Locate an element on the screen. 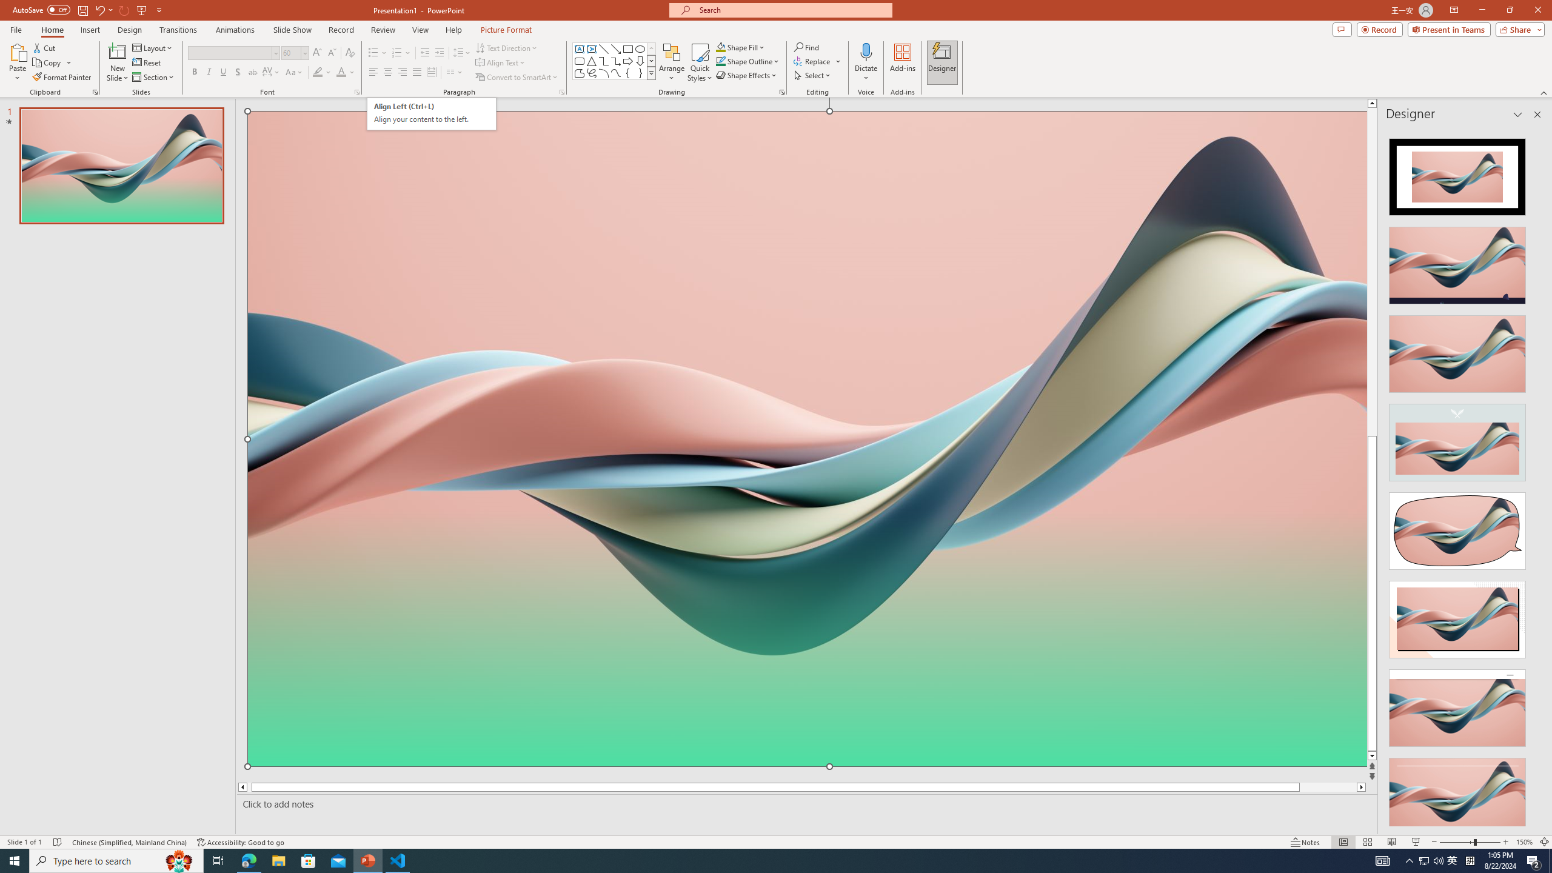 The width and height of the screenshot is (1552, 873). 'Recommended Design: Design Idea' is located at coordinates (1456, 172).